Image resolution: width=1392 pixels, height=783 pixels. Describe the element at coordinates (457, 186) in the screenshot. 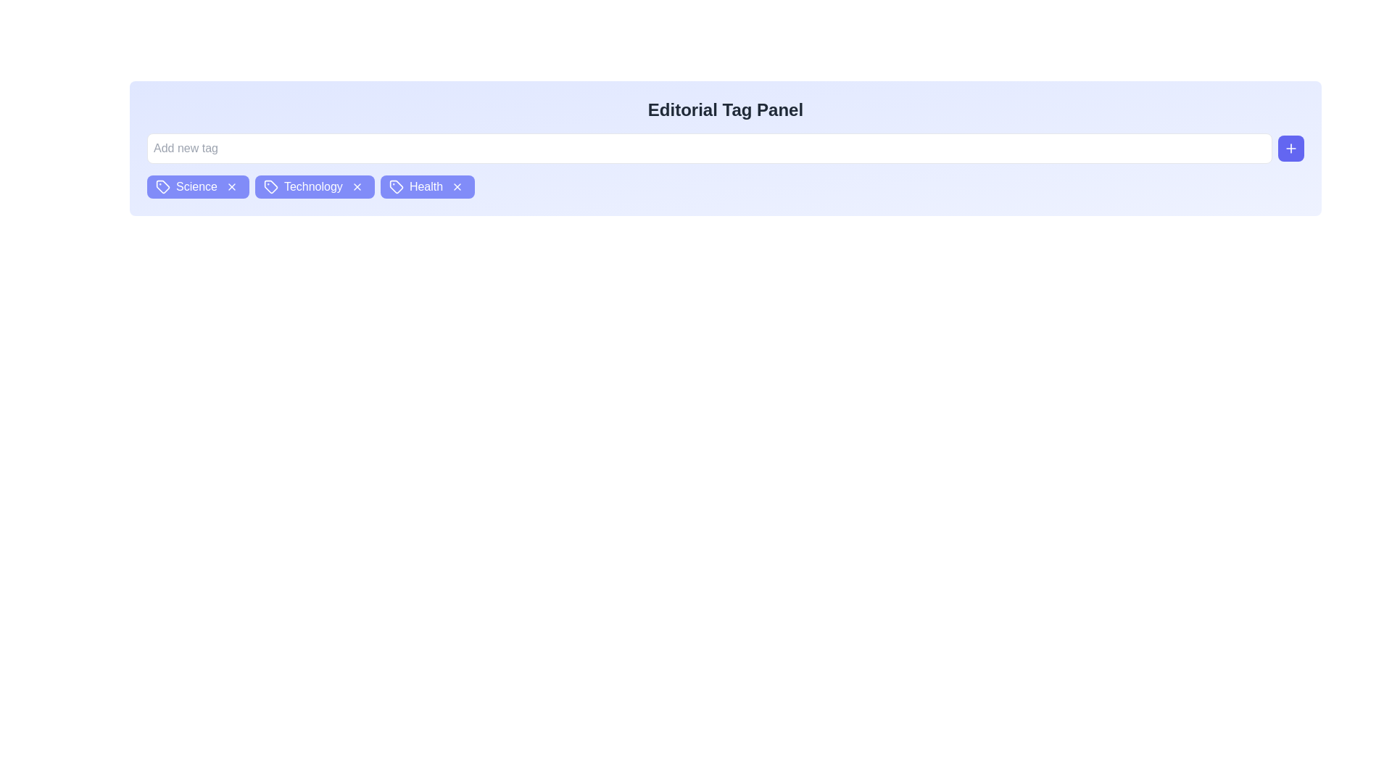

I see `the Close button (cross icon) associated with the 'Health' tag to potentially display a tooltip` at that location.